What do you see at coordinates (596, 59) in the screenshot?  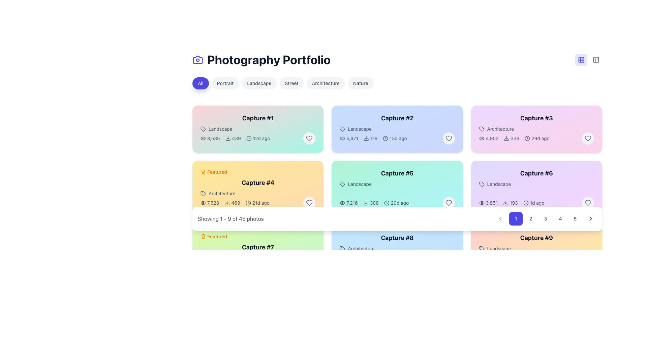 I see `the rounded square-shaped button with a minimalist icon resembling a top-left corner pane to observe the visual feedback of the hover effect` at bounding box center [596, 59].